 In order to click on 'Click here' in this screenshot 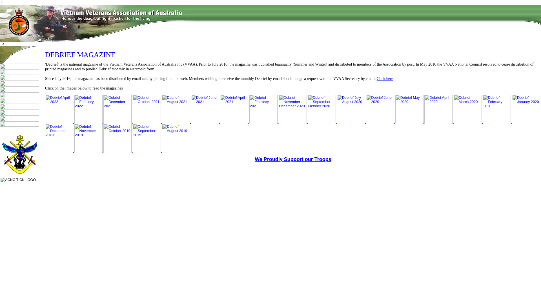, I will do `click(385, 78)`.